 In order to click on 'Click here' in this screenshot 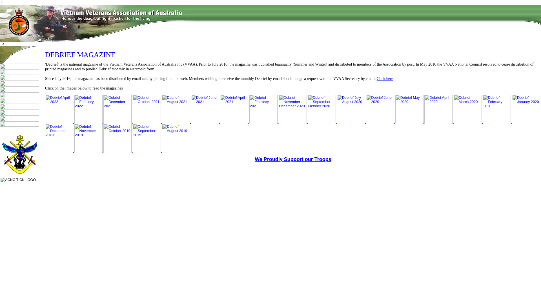, I will do `click(385, 78)`.